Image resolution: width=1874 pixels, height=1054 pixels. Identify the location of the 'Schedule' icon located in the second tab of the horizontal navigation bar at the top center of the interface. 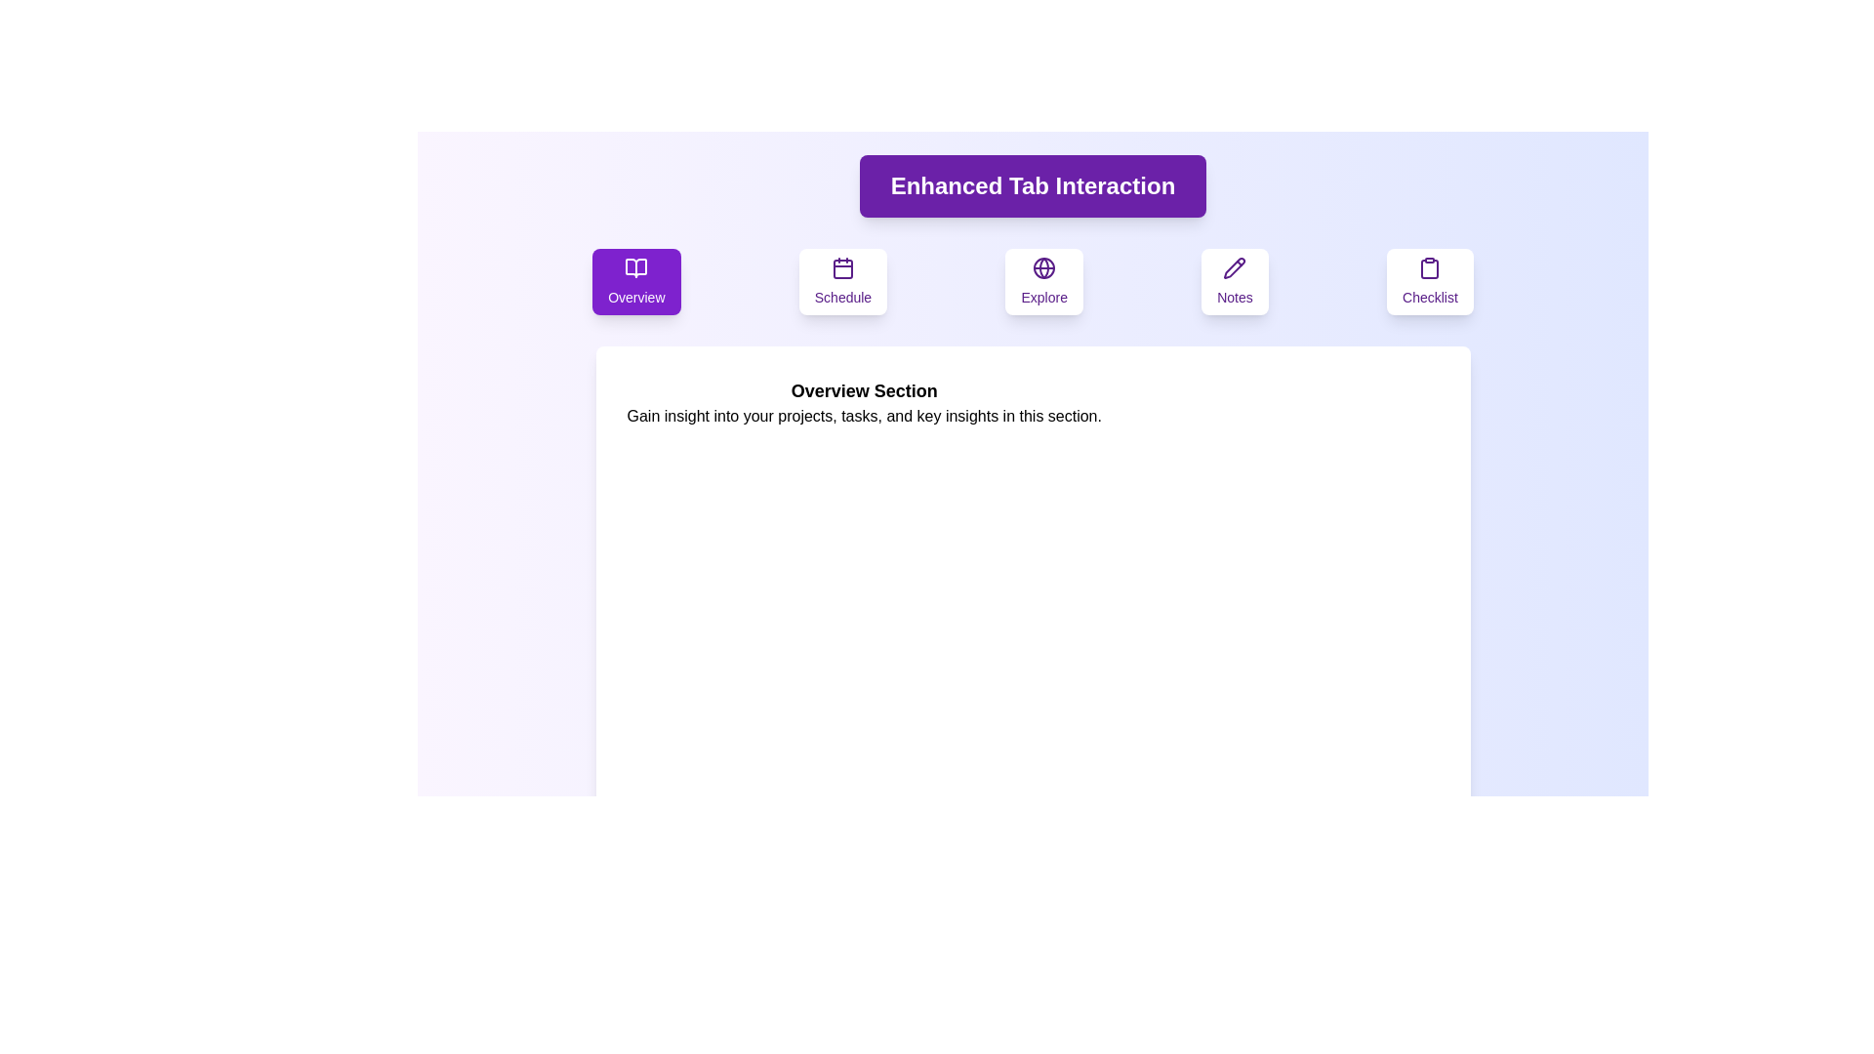
(843, 267).